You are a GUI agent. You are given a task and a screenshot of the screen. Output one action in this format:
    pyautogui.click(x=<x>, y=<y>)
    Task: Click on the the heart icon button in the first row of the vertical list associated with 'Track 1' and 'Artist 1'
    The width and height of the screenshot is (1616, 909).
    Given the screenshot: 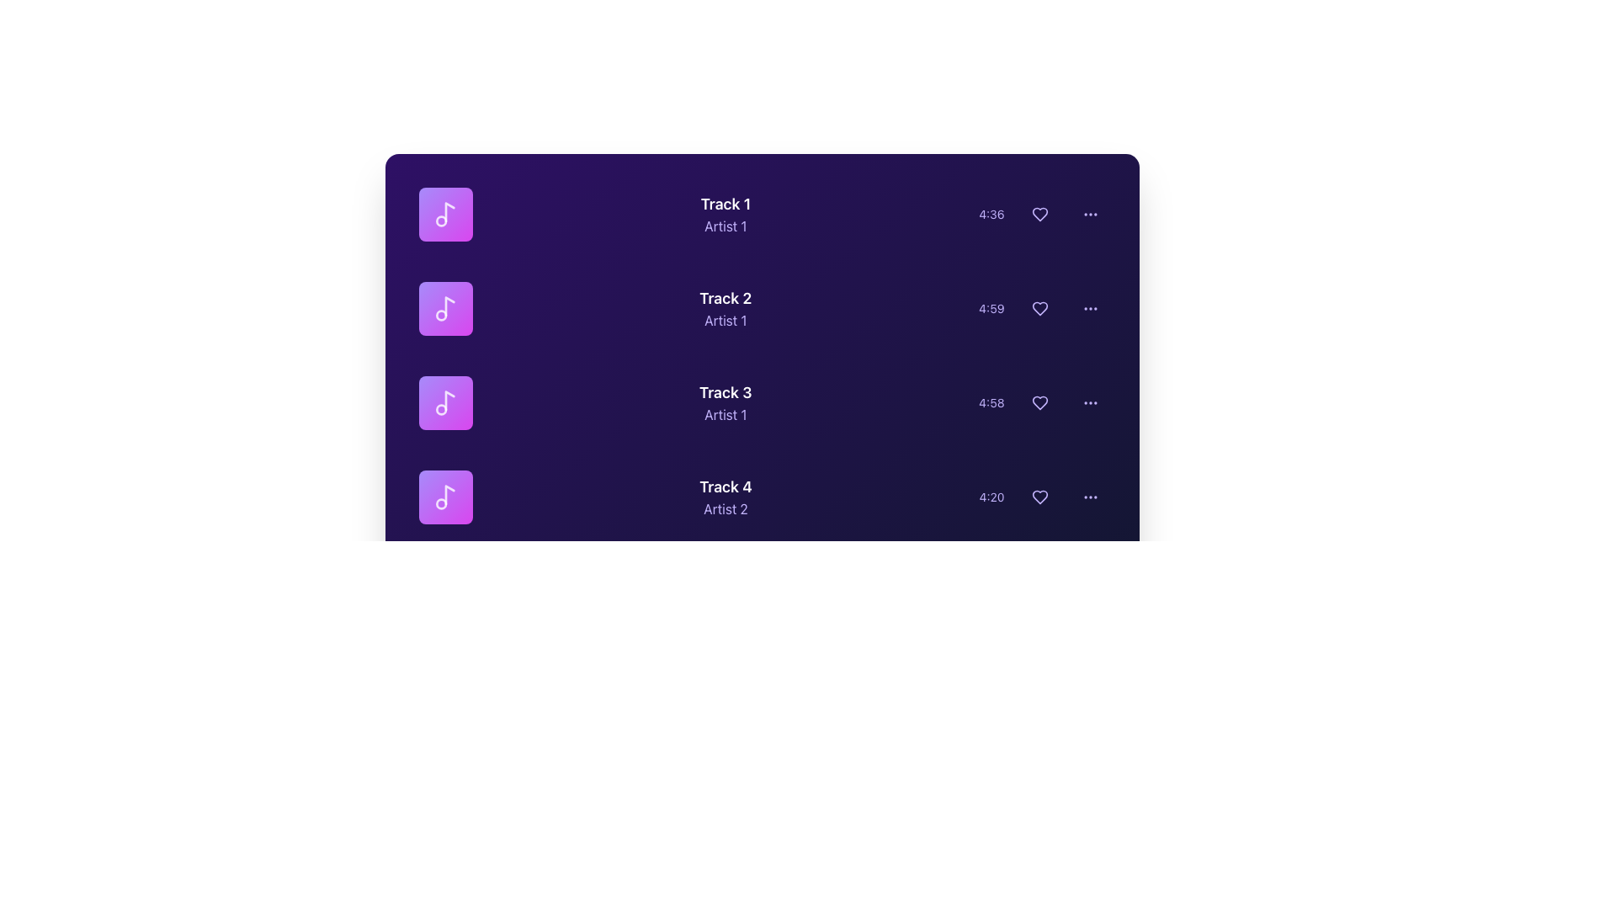 What is the action you would take?
    pyautogui.click(x=1039, y=213)
    